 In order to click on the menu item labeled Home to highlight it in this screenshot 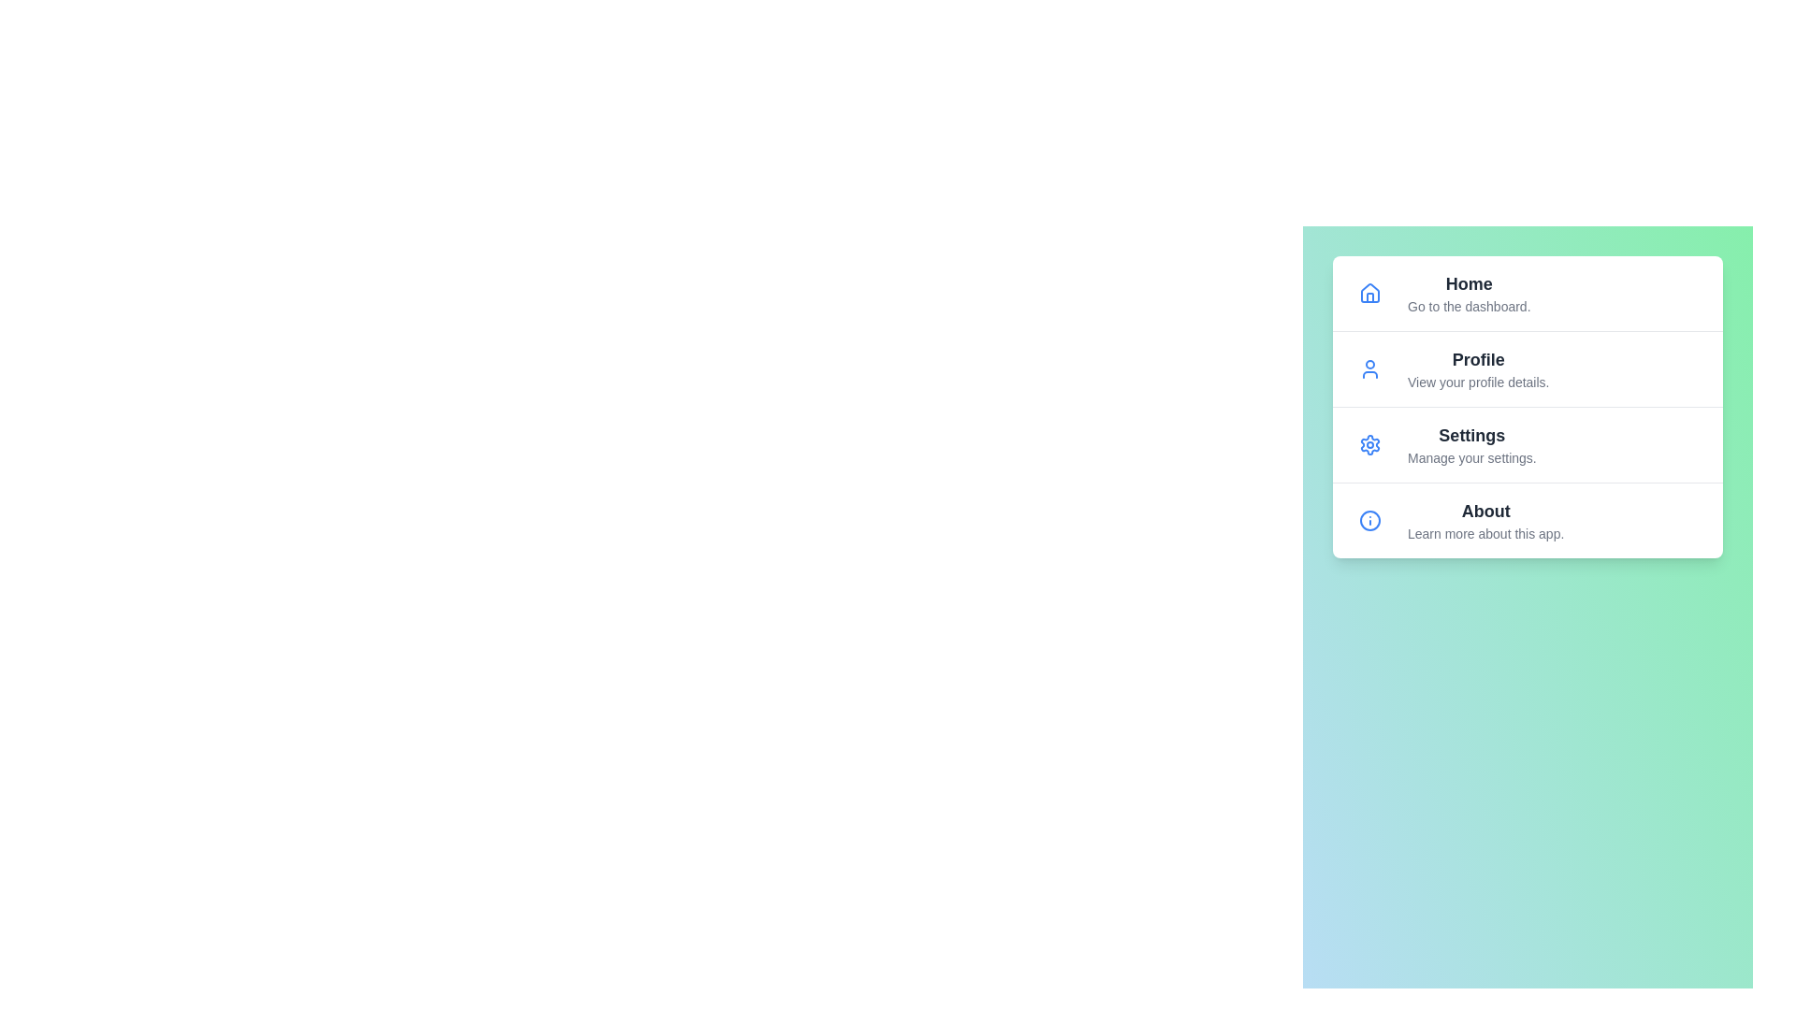, I will do `click(1528, 293)`.